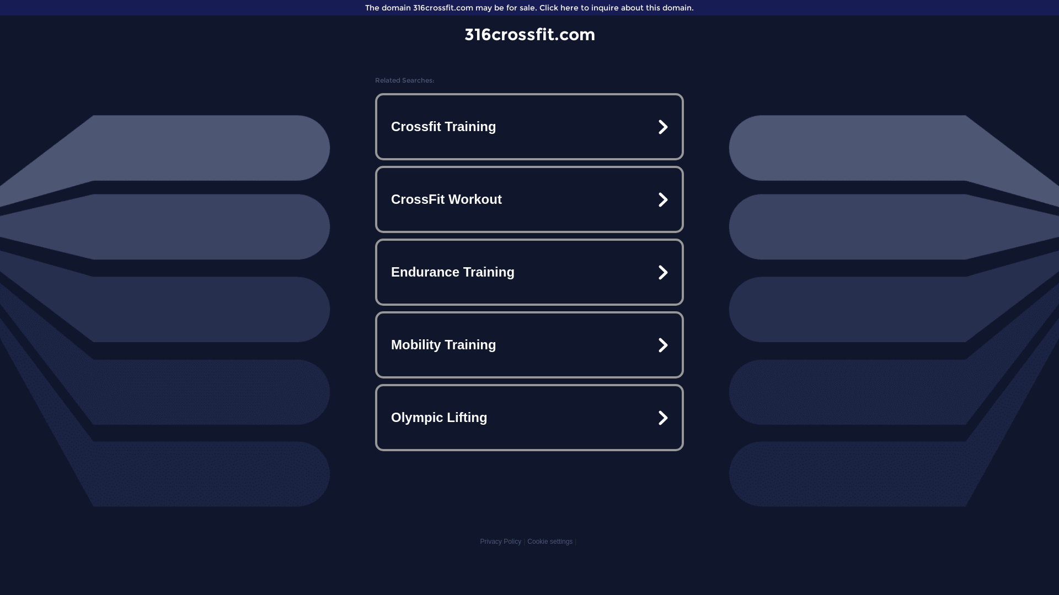  I want to click on 'Cookie settings', so click(550, 541).